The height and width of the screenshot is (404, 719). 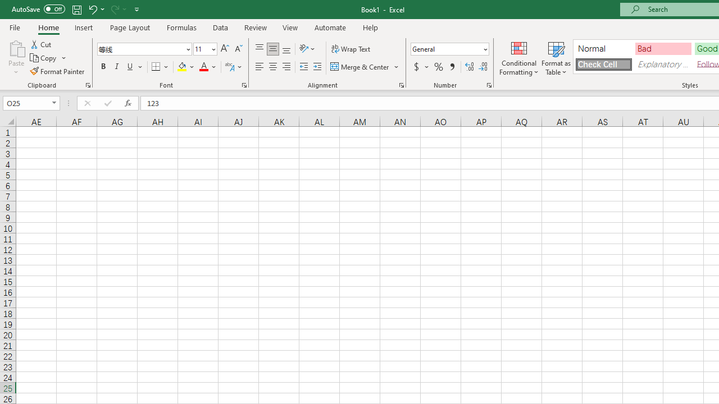 What do you see at coordinates (135, 67) in the screenshot?
I see `'Underline'` at bounding box center [135, 67].